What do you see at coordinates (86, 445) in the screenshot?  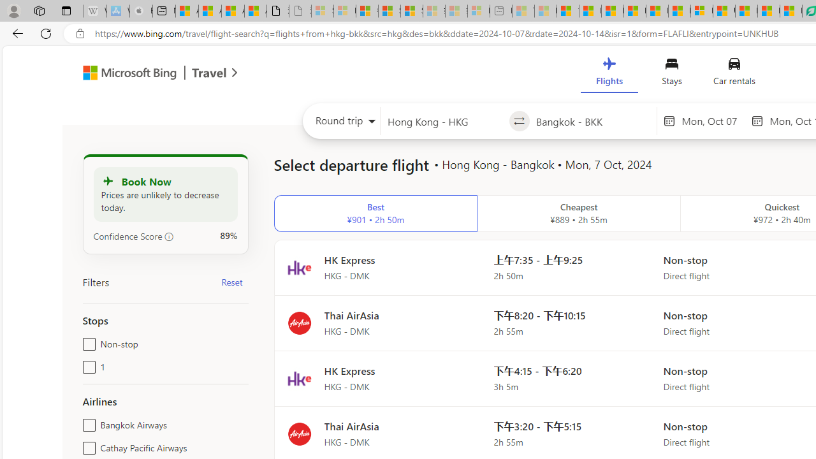 I see `'Cathay Pacific Airways'` at bounding box center [86, 445].